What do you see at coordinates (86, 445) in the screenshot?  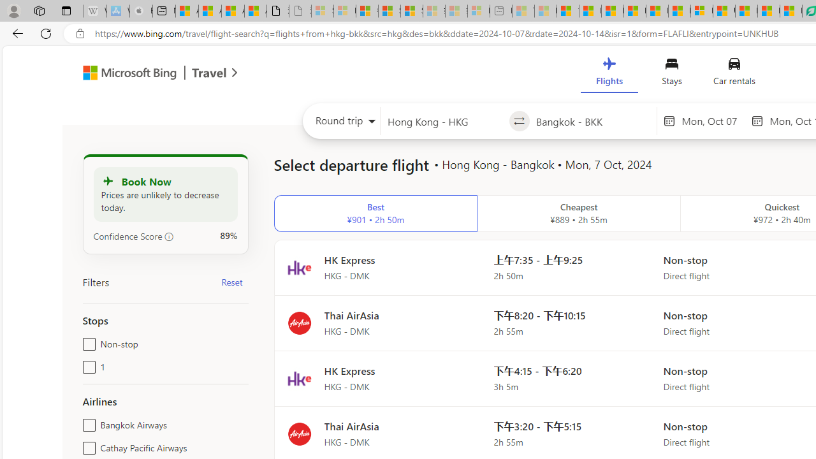 I see `'Cathay Pacific Airways'` at bounding box center [86, 445].